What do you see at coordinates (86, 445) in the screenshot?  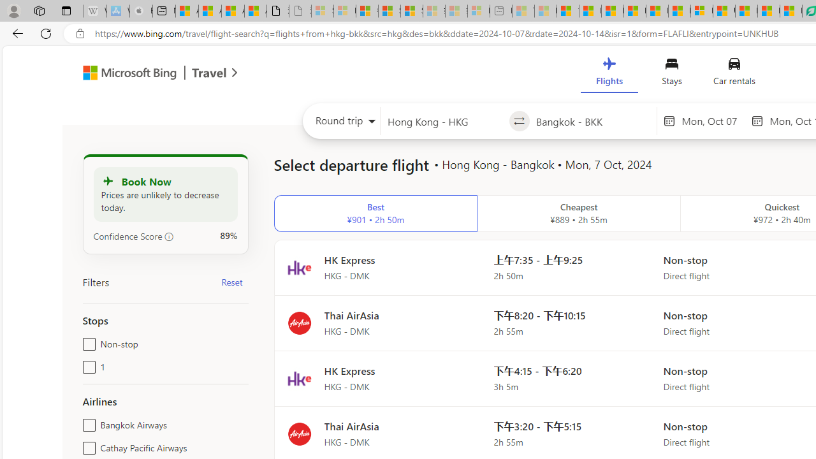 I see `'Cathay Pacific Airways'` at bounding box center [86, 445].